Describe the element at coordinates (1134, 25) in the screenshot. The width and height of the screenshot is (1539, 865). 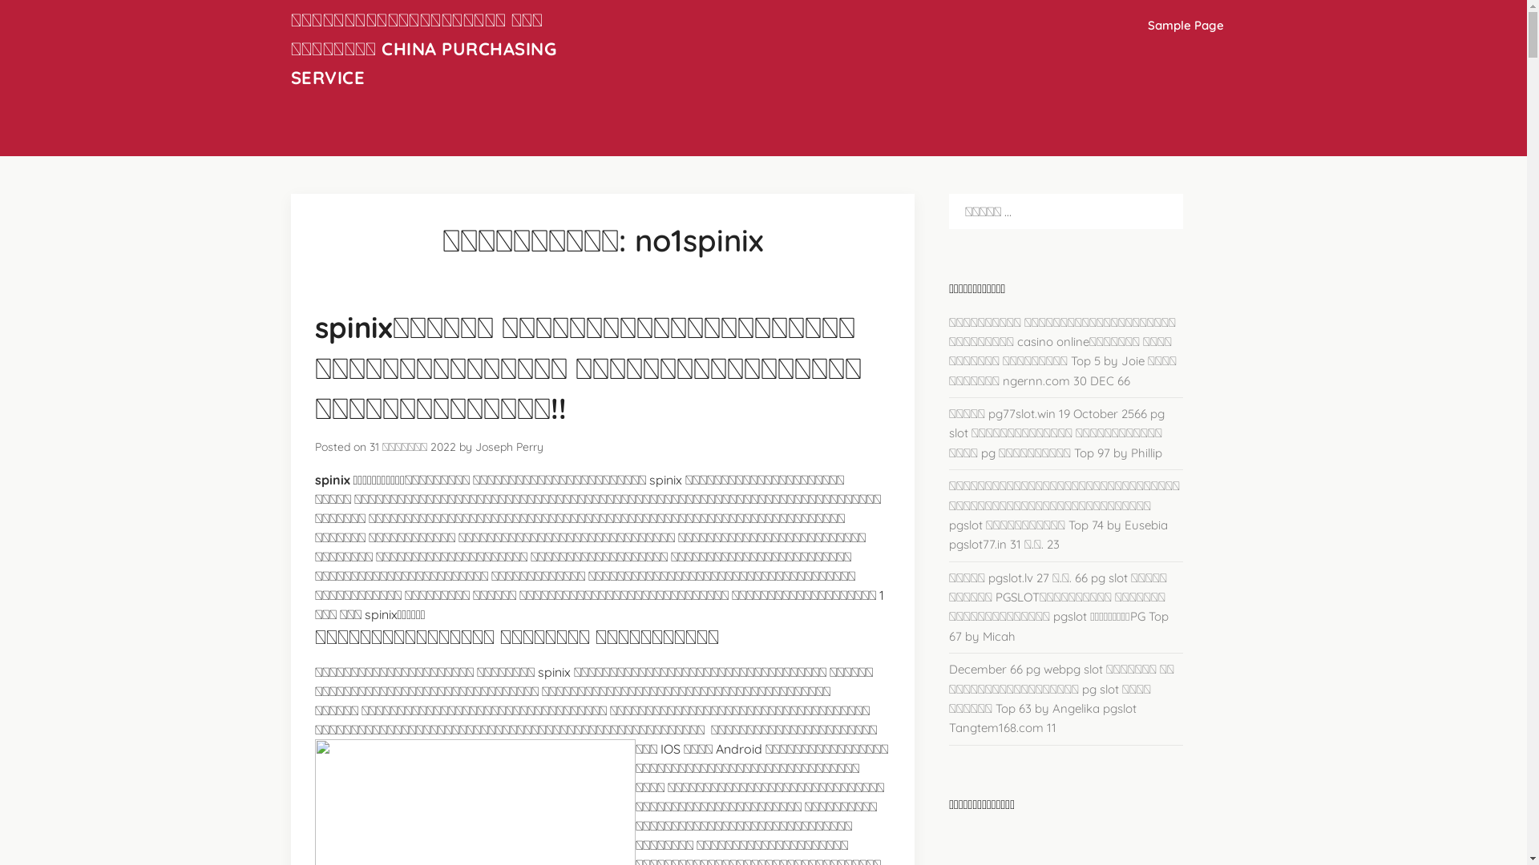
I see `'Sample Page'` at that location.